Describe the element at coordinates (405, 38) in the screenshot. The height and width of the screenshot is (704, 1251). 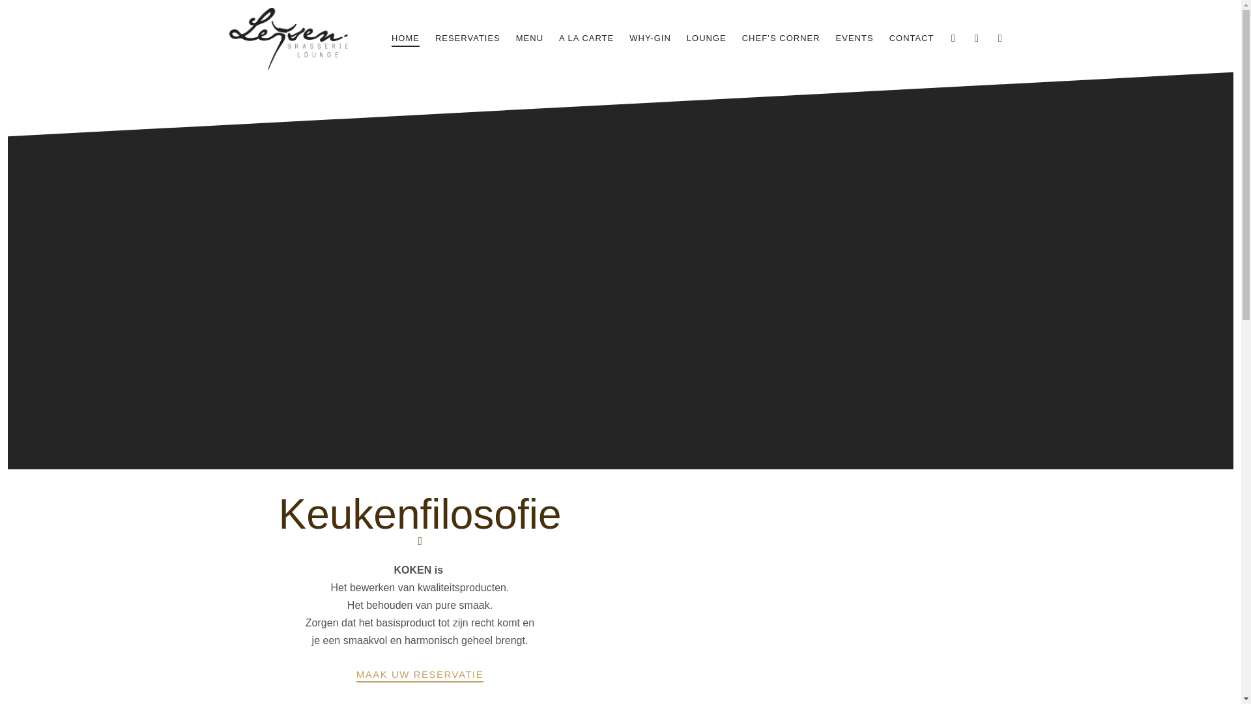
I see `'HOME'` at that location.